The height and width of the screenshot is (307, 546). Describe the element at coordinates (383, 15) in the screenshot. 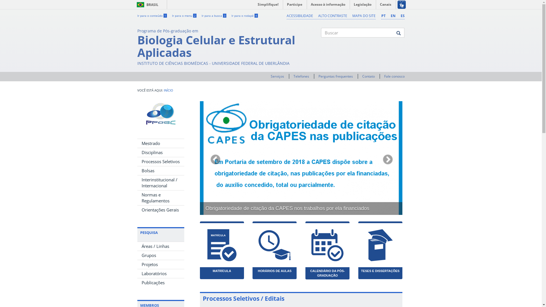

I see `'PT'` at that location.